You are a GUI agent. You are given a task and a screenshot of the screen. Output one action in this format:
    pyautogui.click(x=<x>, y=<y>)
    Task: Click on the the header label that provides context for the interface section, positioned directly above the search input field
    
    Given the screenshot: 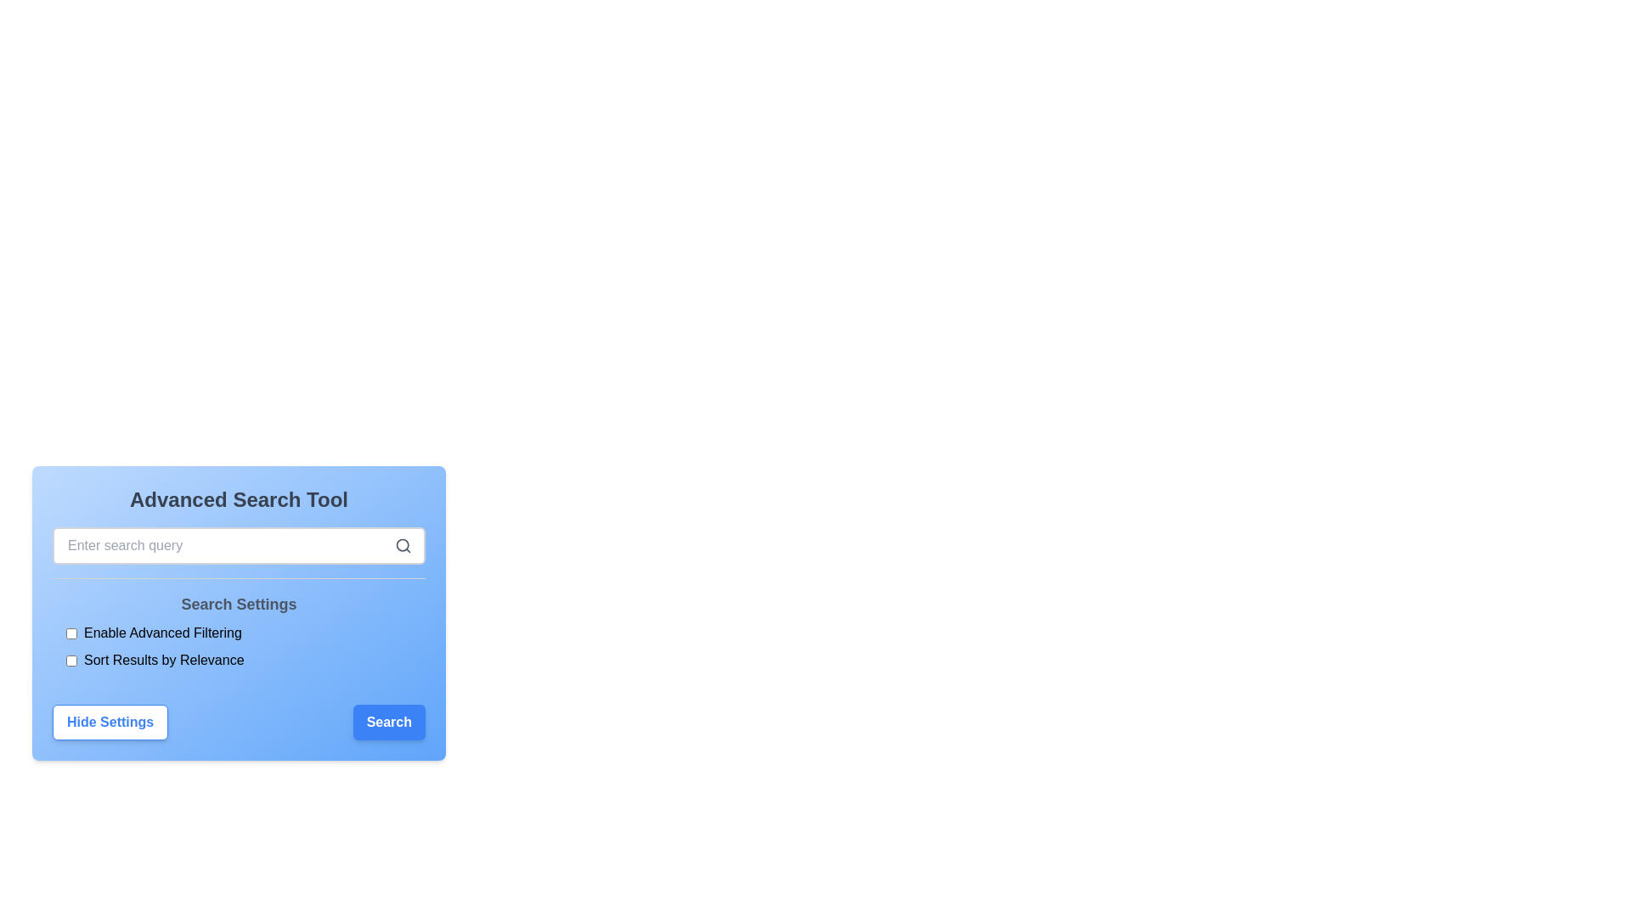 What is the action you would take?
    pyautogui.click(x=238, y=499)
    